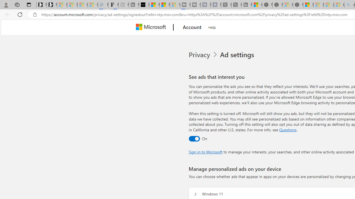  I want to click on 'Sign in to Microsoft', so click(205, 152).